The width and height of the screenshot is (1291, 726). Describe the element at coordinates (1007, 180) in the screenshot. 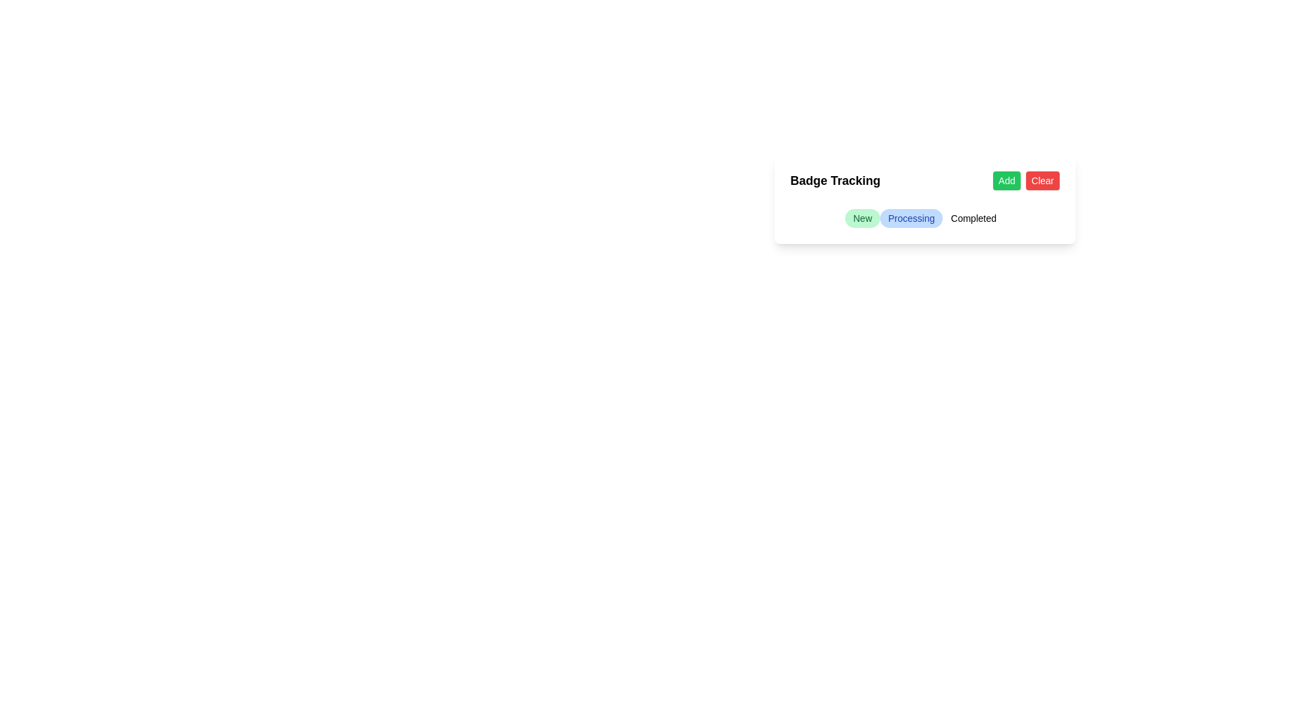

I see `the green 'Add' button with white text, located in the top-right section of the 'Badge Tracking' card` at that location.